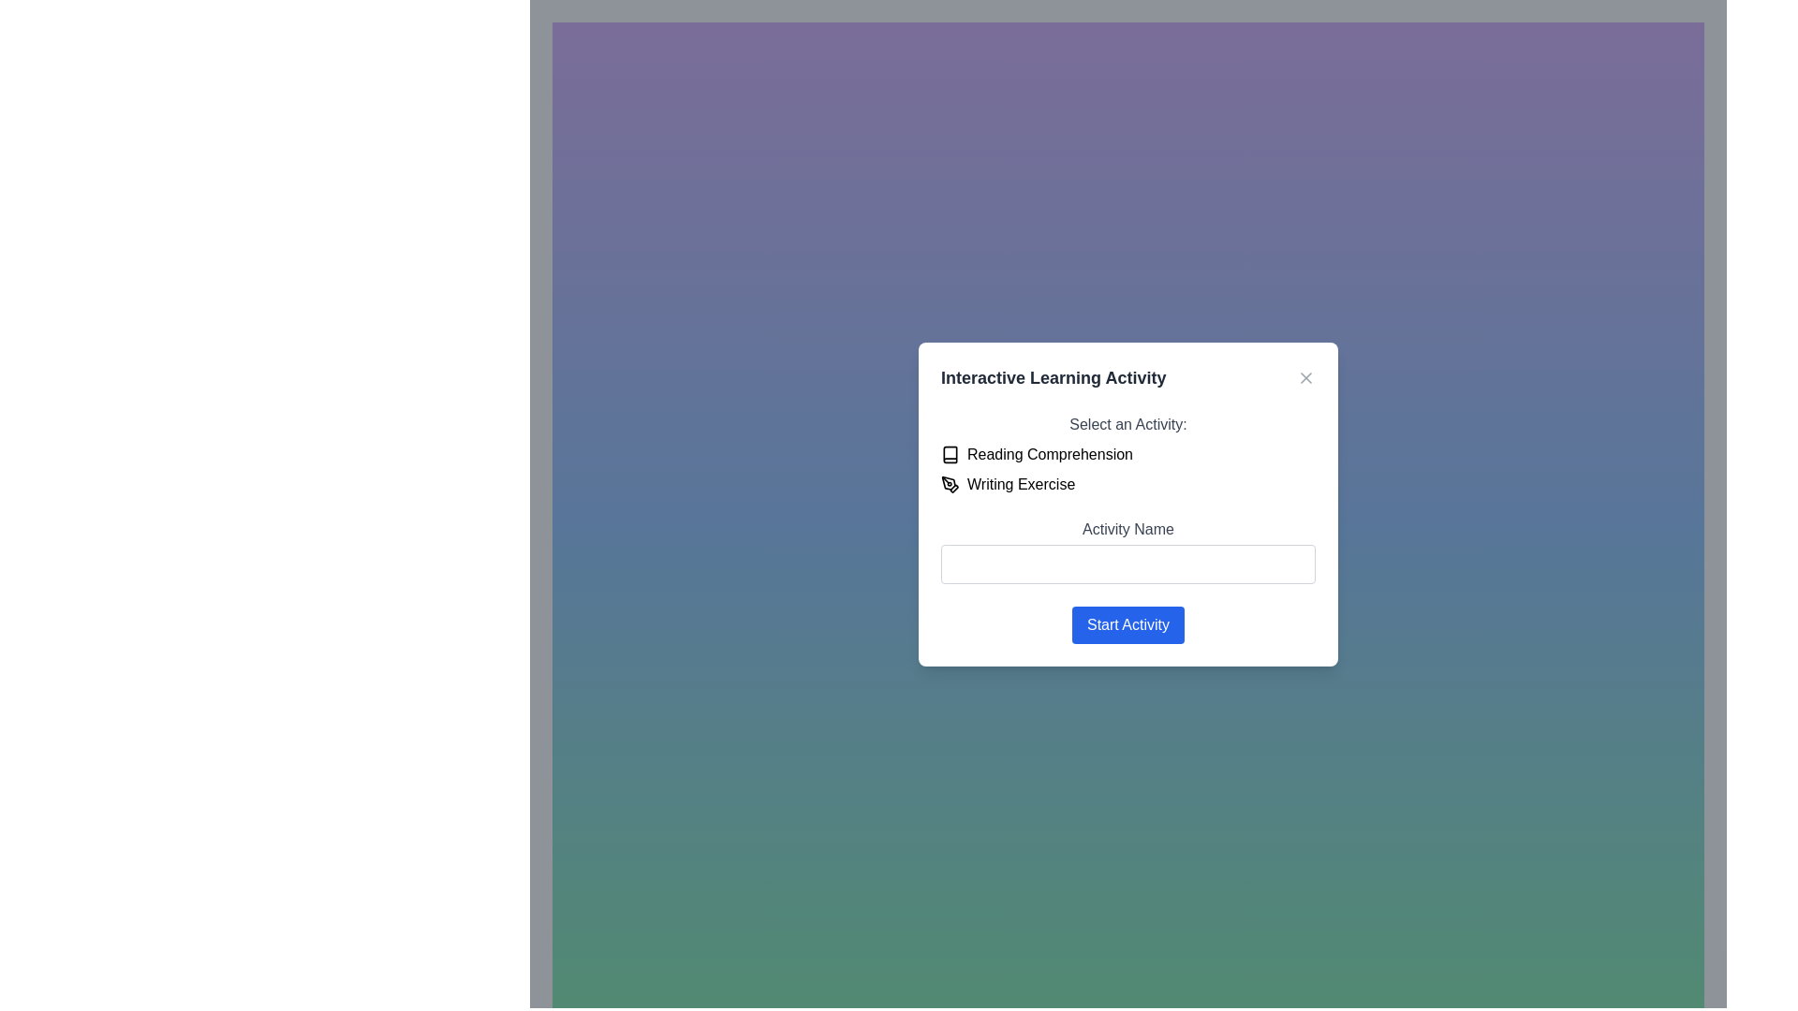 The width and height of the screenshot is (1798, 1011). I want to click on the pen tool icon representing the 'Writing Exercise' activity, which is located to the left of the text 'Writing Exercise', so click(950, 483).